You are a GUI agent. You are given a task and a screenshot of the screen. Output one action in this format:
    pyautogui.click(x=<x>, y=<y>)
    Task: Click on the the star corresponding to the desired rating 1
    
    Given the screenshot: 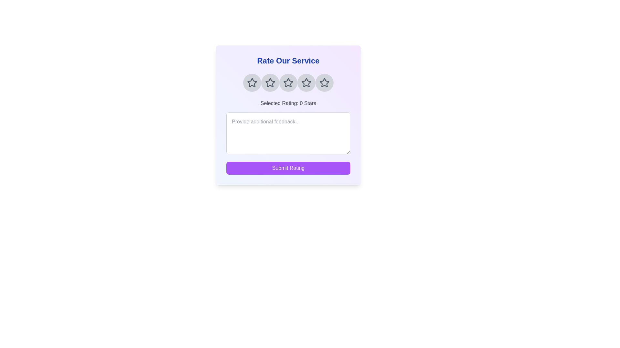 What is the action you would take?
    pyautogui.click(x=252, y=82)
    